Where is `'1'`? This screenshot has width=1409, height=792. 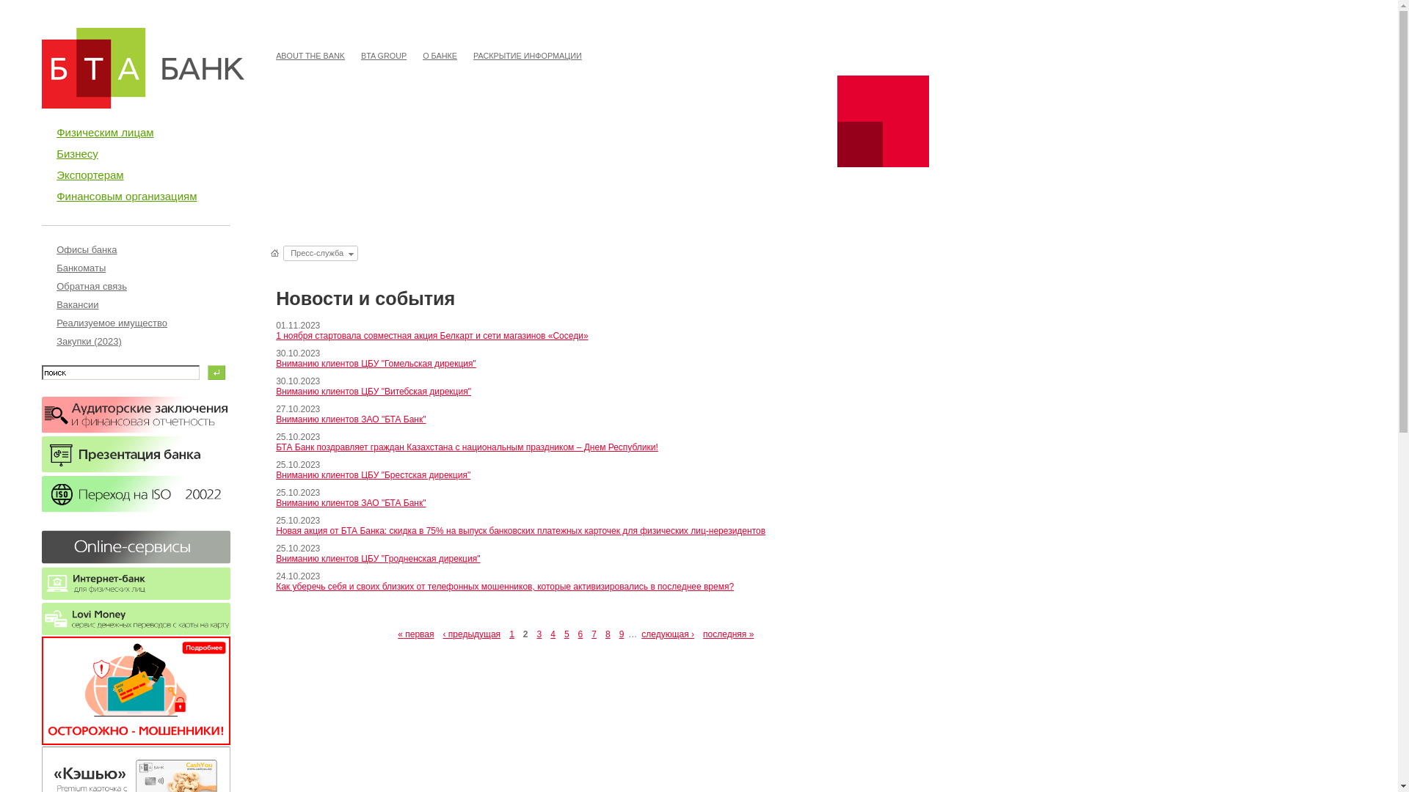 '1' is located at coordinates (504, 633).